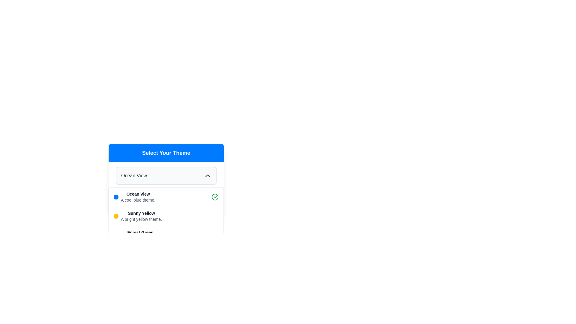  What do you see at coordinates (166, 235) in the screenshot?
I see `the 'Forest Green' option in the dropdown menu, which is the third item below 'Sunny Yellow'` at bounding box center [166, 235].